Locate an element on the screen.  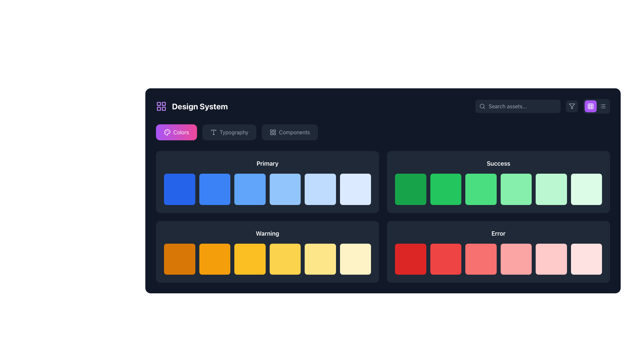
the interactive color option tile located second from the left in the top row of the 'Success' section is located at coordinates (410, 189).